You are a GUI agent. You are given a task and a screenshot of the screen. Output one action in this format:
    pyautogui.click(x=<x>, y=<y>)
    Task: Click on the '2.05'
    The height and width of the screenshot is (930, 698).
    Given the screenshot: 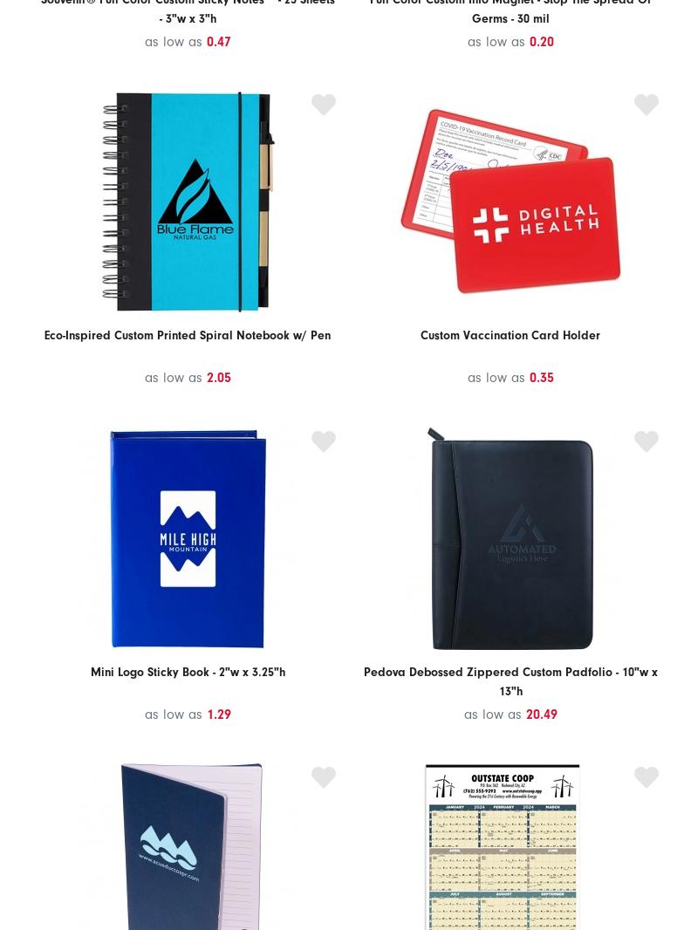 What is the action you would take?
    pyautogui.click(x=217, y=378)
    